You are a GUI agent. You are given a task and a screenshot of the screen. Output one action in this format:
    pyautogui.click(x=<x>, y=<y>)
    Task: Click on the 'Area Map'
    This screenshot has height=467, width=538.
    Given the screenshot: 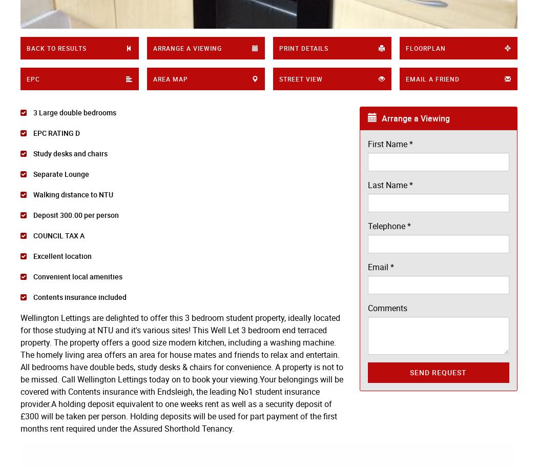 What is the action you would take?
    pyautogui.click(x=170, y=78)
    